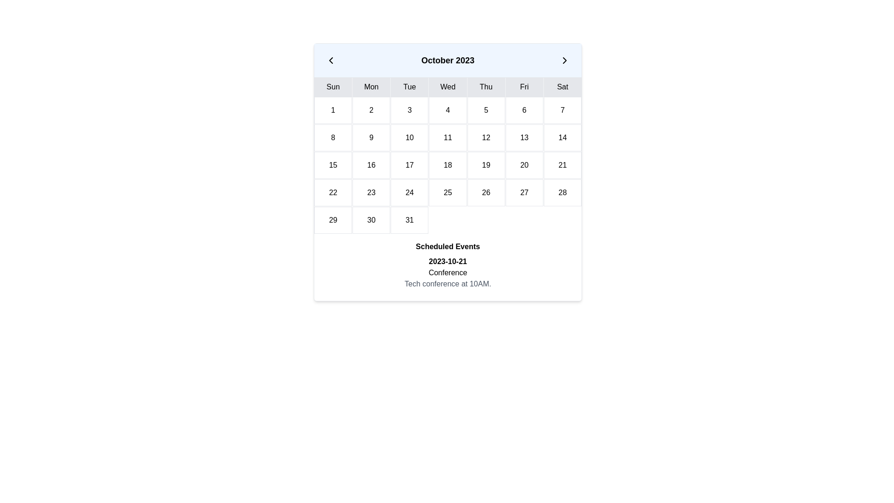  What do you see at coordinates (409, 138) in the screenshot?
I see `the Calendar Day Cell displaying the number '10' in the second row and third column of the calendar` at bounding box center [409, 138].